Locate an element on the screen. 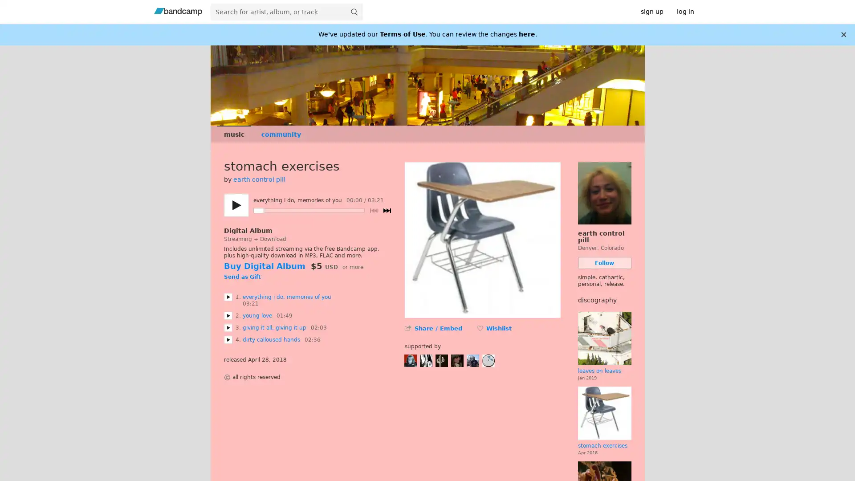 The image size is (855, 481). Previous track is located at coordinates (373, 211).